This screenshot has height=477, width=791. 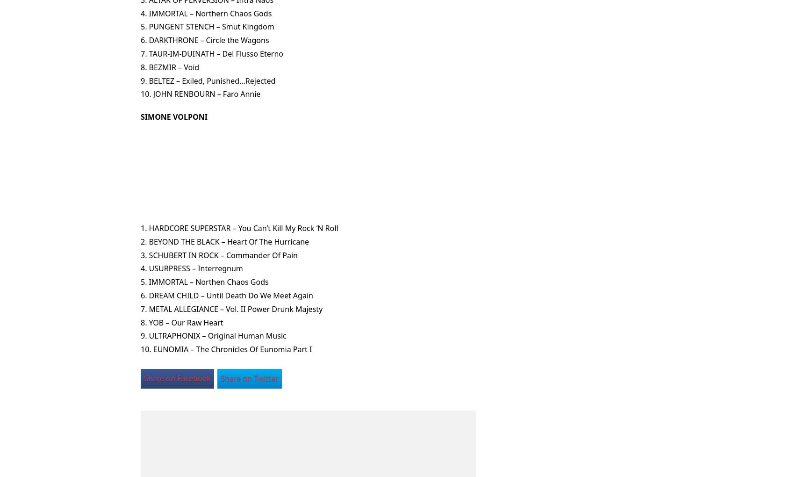 I want to click on '7. METAL ALLEGIANCE – Vol. II Power Drunk Majesty', so click(x=231, y=309).